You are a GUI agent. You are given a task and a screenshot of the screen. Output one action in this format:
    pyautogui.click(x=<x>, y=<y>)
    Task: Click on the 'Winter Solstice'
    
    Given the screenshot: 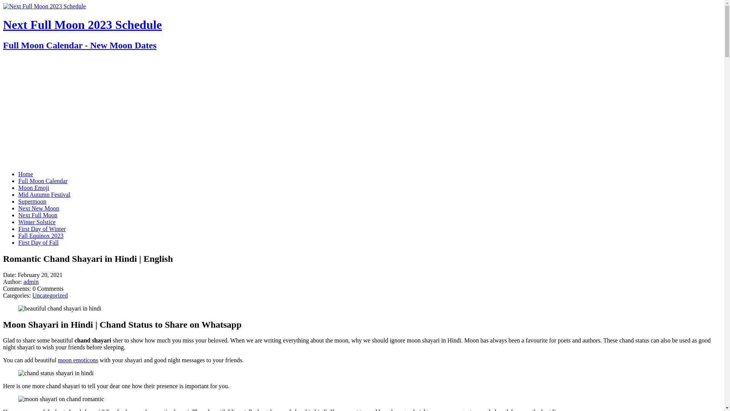 What is the action you would take?
    pyautogui.click(x=36, y=222)
    